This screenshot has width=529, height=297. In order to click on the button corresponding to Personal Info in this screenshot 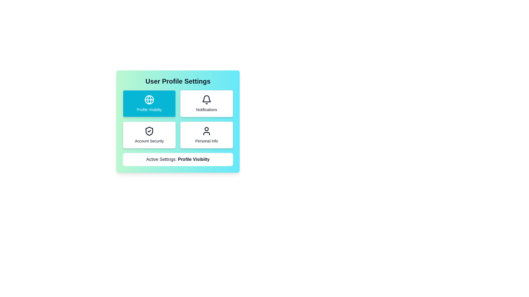, I will do `click(206, 135)`.